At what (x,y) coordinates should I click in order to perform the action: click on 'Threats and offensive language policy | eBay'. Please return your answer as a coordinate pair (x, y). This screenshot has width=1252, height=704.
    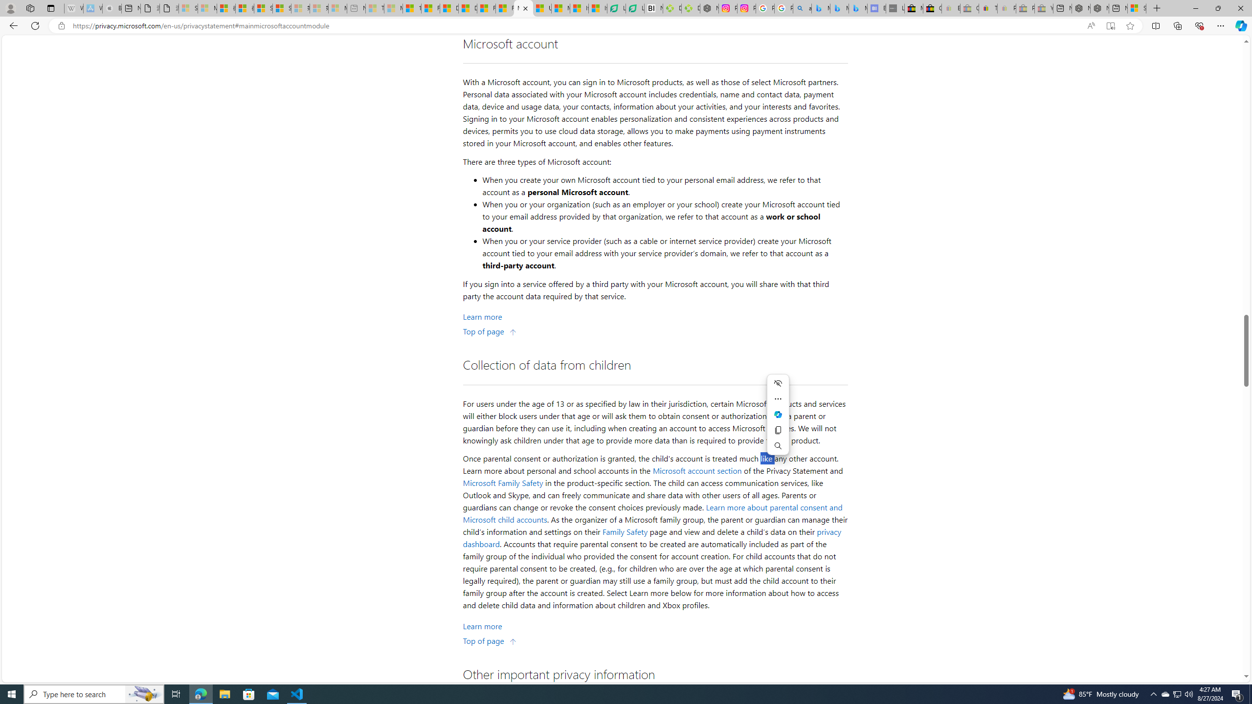
    Looking at the image, I should click on (988, 8).